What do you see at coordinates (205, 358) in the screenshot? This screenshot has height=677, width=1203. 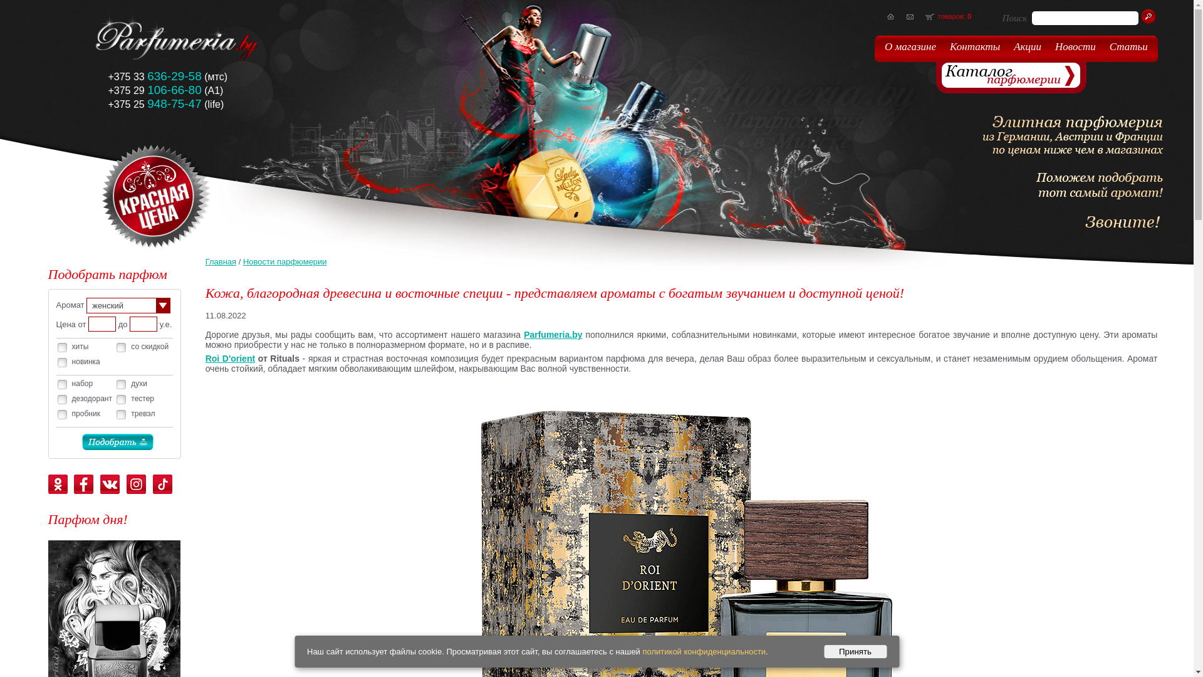 I see `'Roi D'orient'` at bounding box center [205, 358].